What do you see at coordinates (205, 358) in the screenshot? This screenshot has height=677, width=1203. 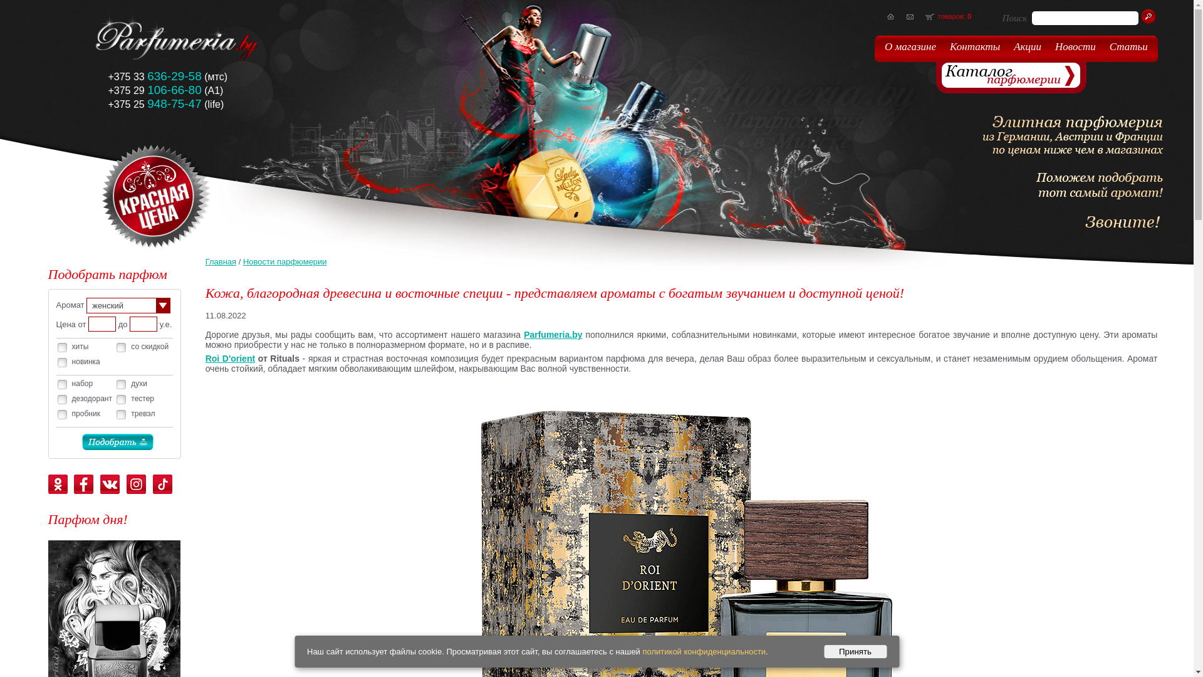 I see `'Roi D'orient'` at bounding box center [205, 358].